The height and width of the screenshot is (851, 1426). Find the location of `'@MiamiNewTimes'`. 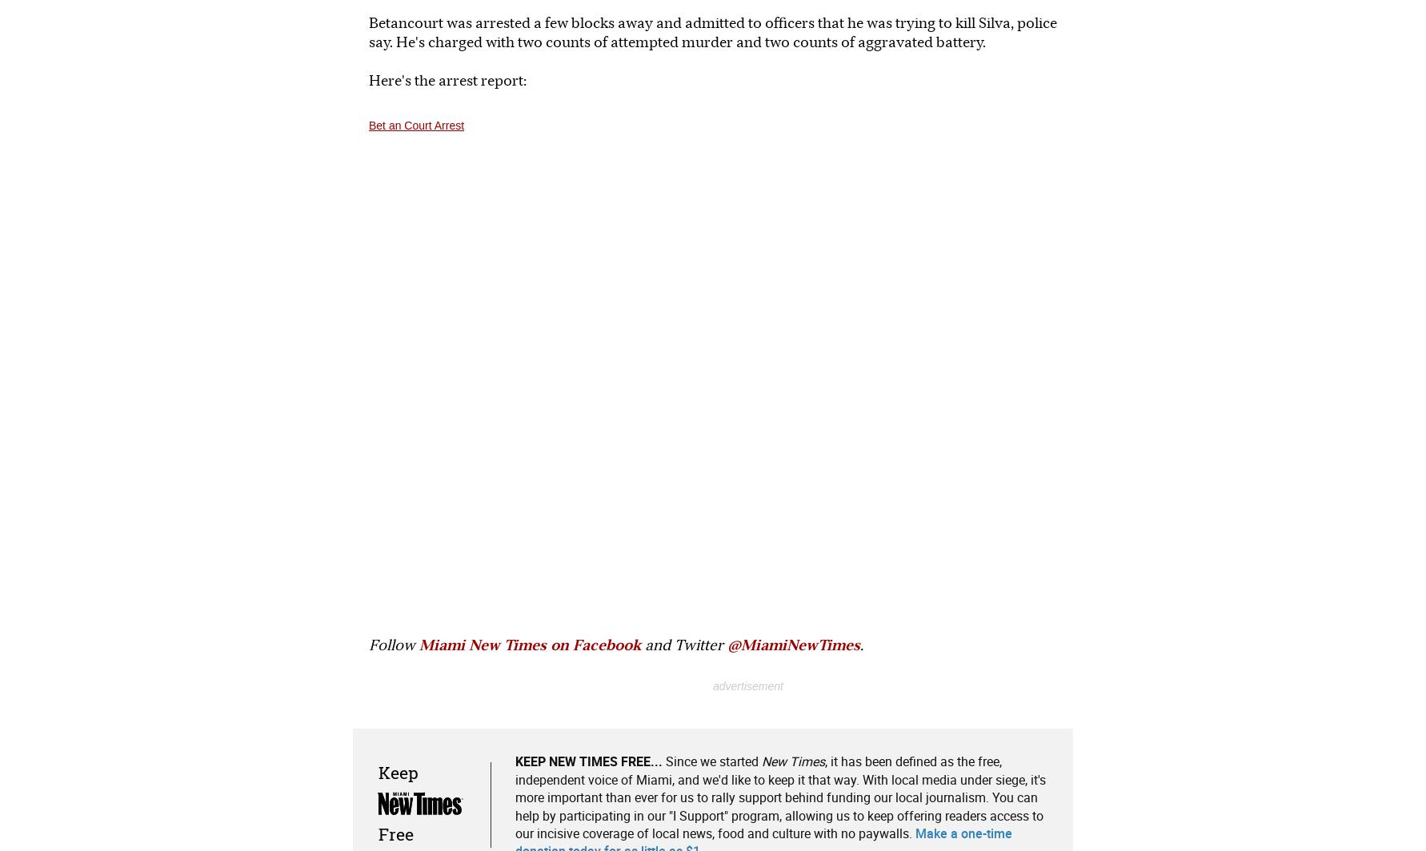

'@MiamiNewTimes' is located at coordinates (793, 644).